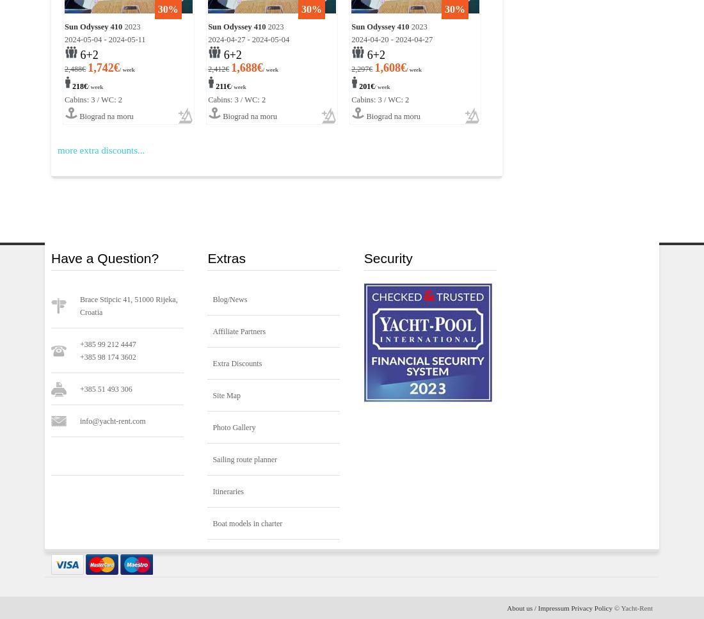  Describe the element at coordinates (237, 363) in the screenshot. I see `'Extra Discounts'` at that location.